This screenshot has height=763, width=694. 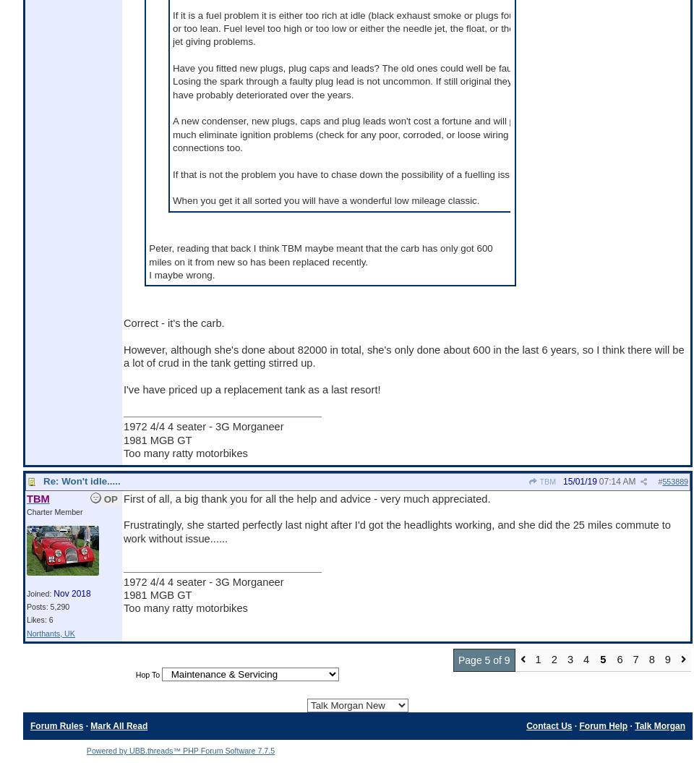 What do you see at coordinates (48, 605) in the screenshot?
I see `'Posts: 5,290'` at bounding box center [48, 605].